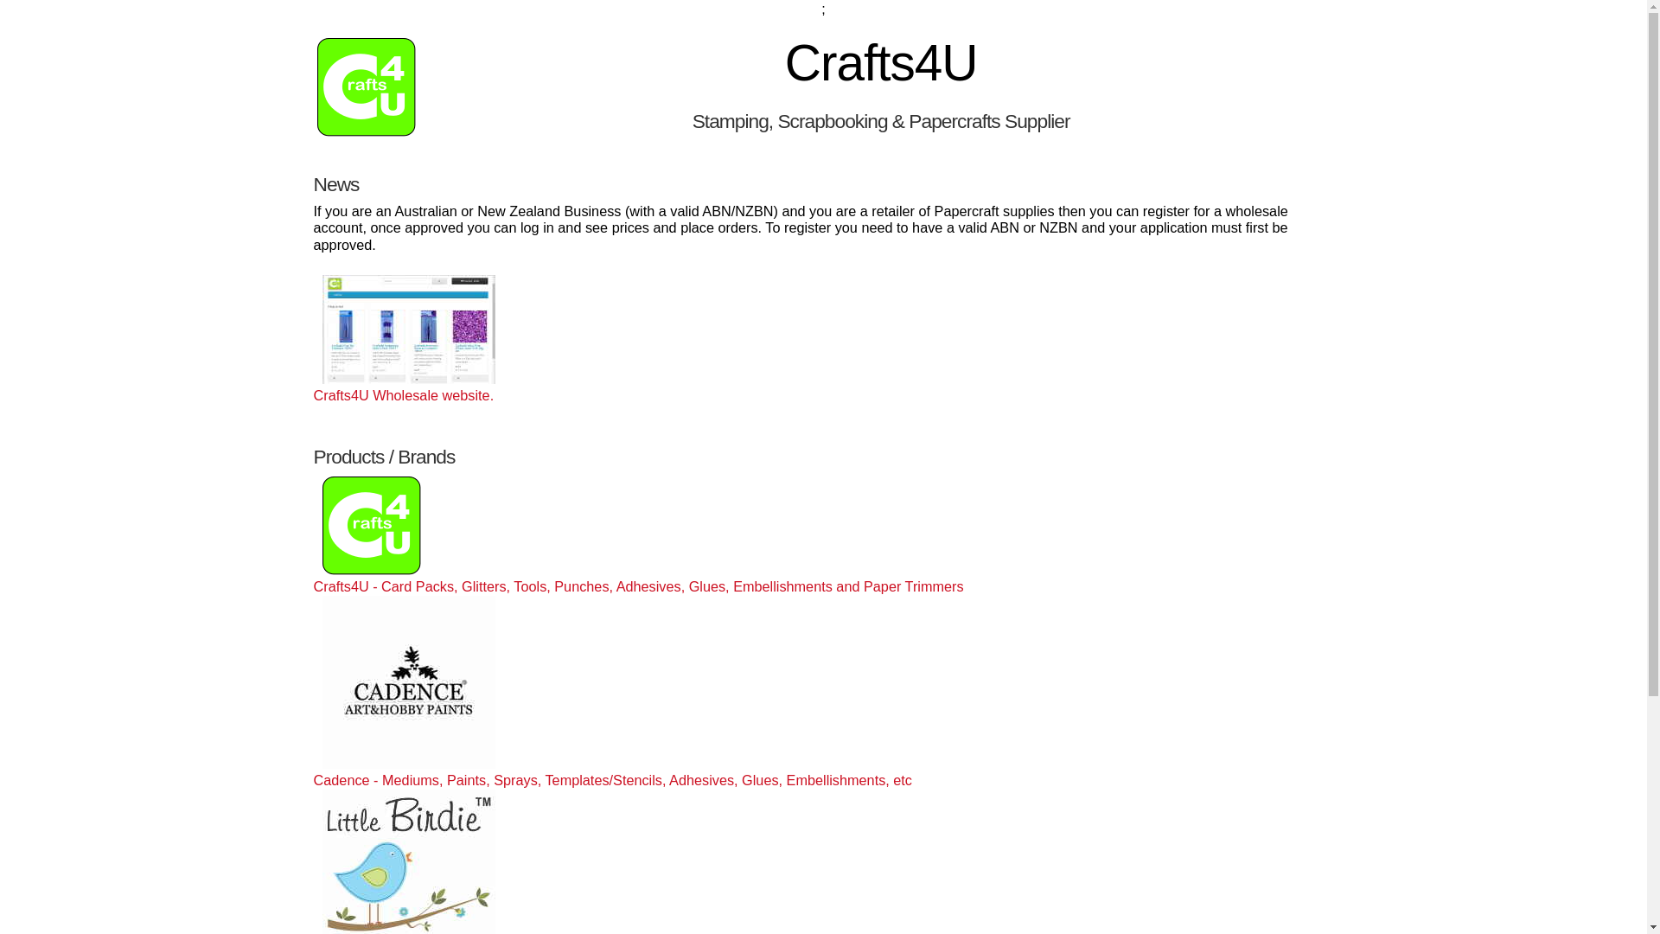 Image resolution: width=1660 pixels, height=934 pixels. Describe the element at coordinates (404, 386) in the screenshot. I see `'Crafts4U Wholesale website.'` at that location.